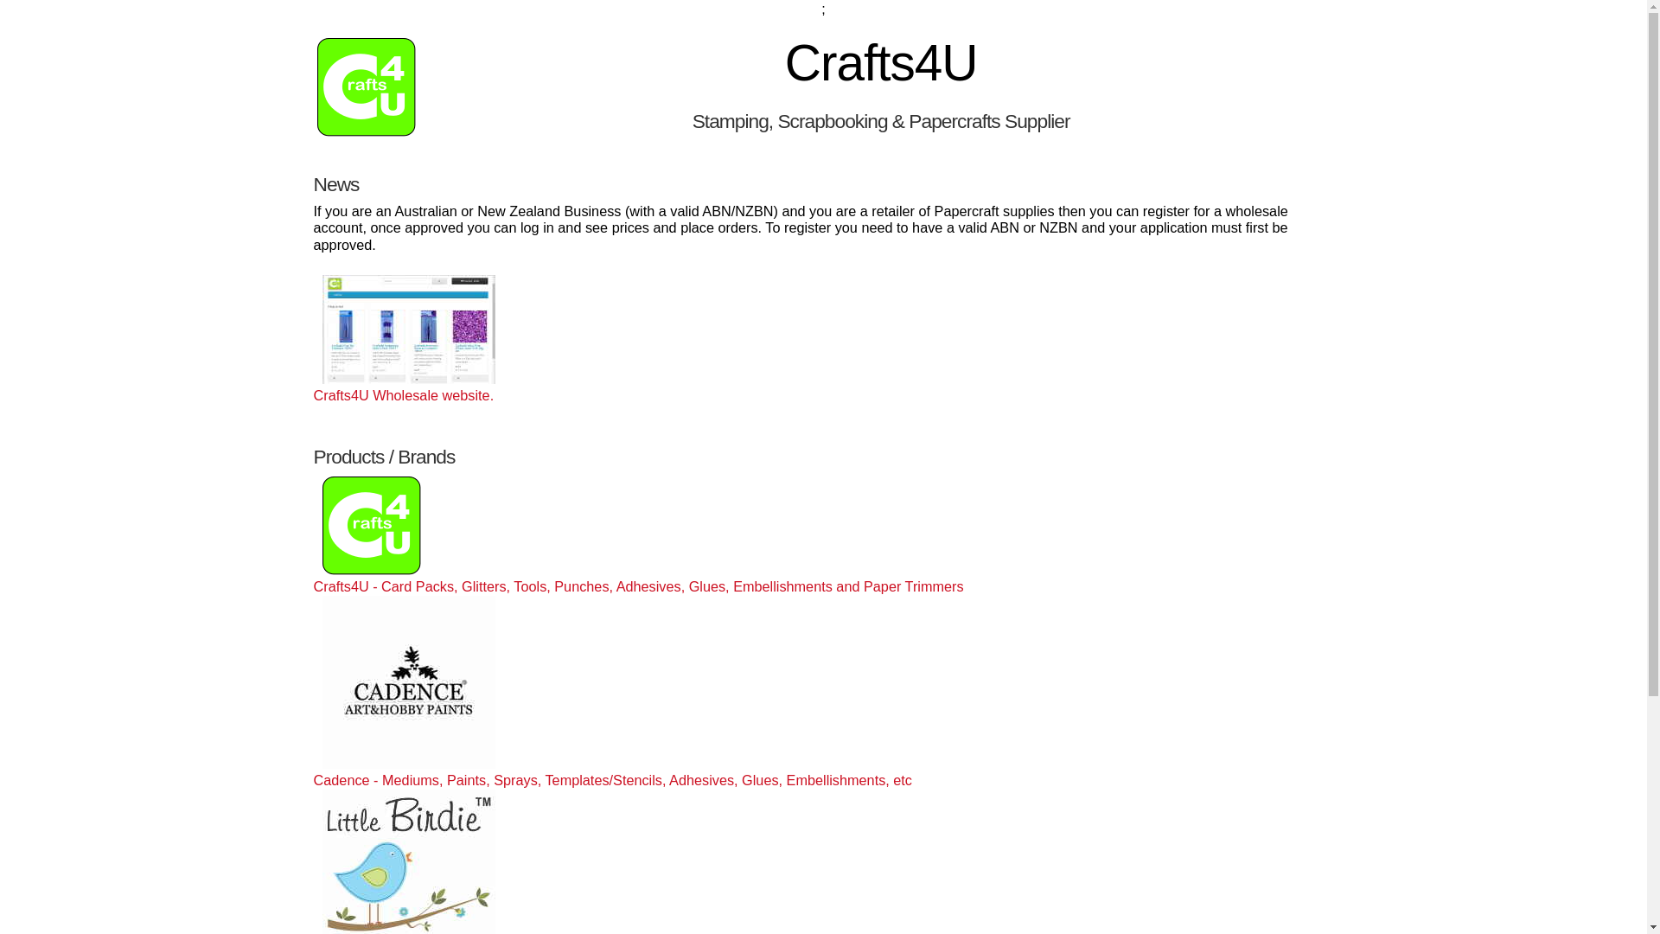 Image resolution: width=1660 pixels, height=934 pixels. Describe the element at coordinates (404, 386) in the screenshot. I see `'Crafts4U Wholesale website.'` at that location.